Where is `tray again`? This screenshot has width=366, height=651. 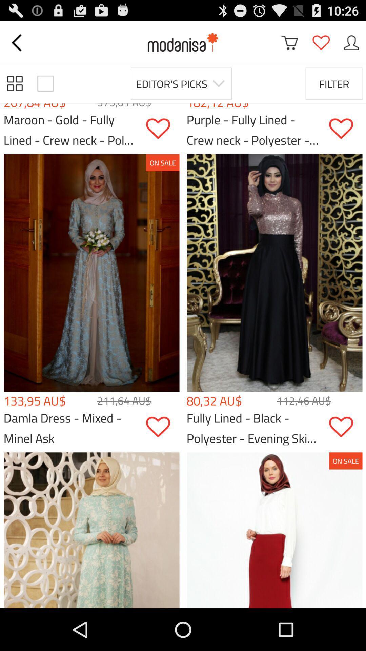 tray again is located at coordinates (351, 42).